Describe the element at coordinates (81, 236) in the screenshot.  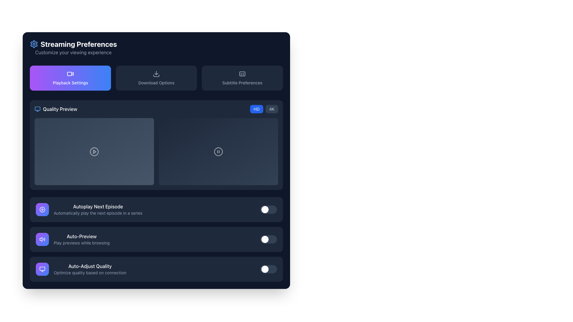
I see `the 'Auto-Preview' text label, which displays in white font and is located above the descriptive text 'Play previews while browsing.'` at that location.